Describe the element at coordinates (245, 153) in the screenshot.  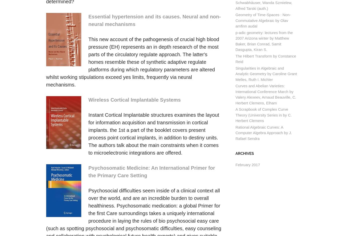
I see `'Archives'` at that location.